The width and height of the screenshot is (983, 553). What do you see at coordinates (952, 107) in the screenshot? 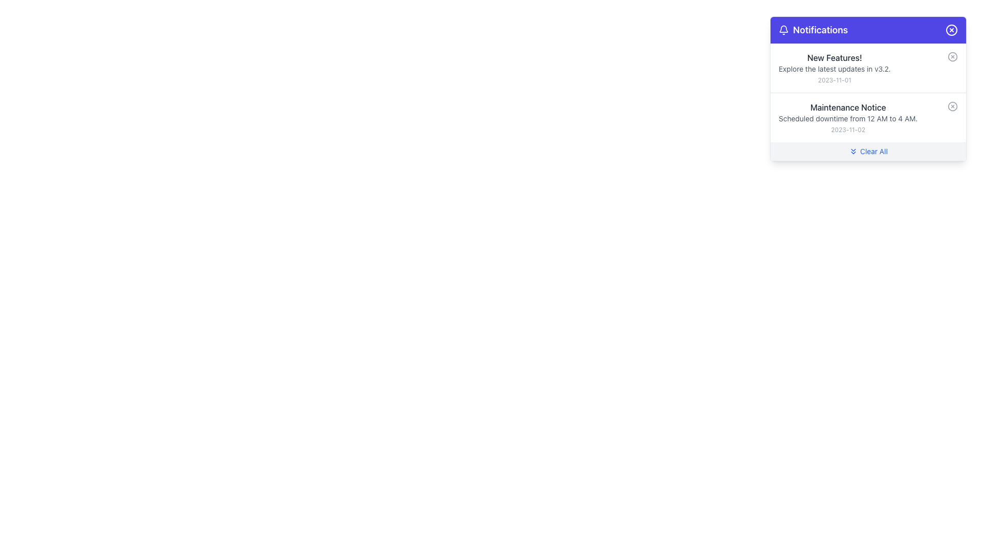
I see `the SVG Circle Element located in the 'Maintenance Notice' section of the notification card` at bounding box center [952, 107].